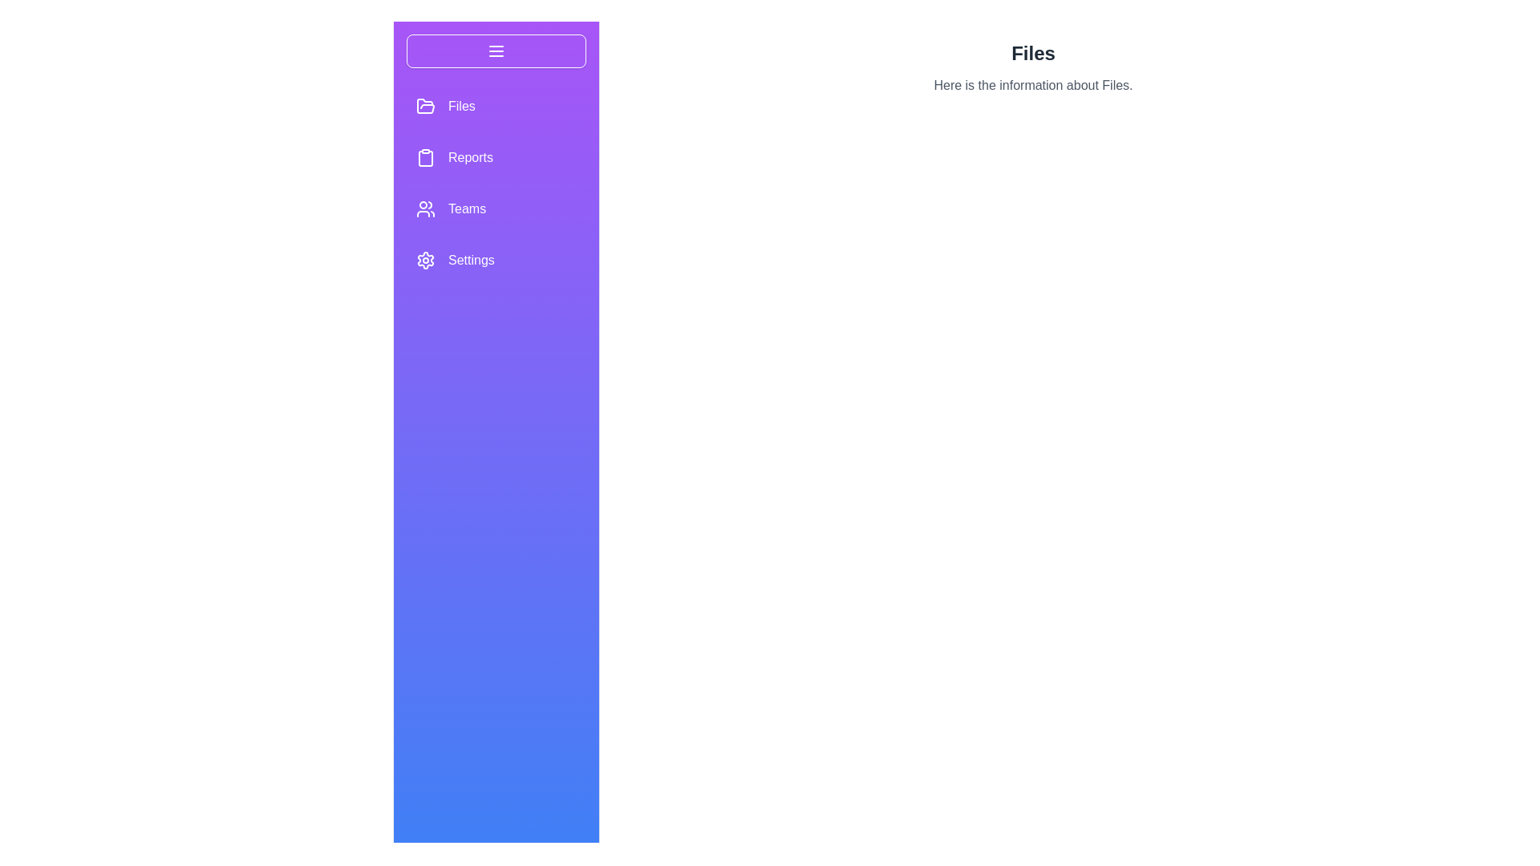 Image resolution: width=1540 pixels, height=866 pixels. I want to click on the menu option Settings to select it, so click(426, 259).